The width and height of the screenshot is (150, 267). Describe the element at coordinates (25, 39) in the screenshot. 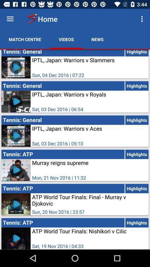

I see `item to the left of the videos icon` at that location.